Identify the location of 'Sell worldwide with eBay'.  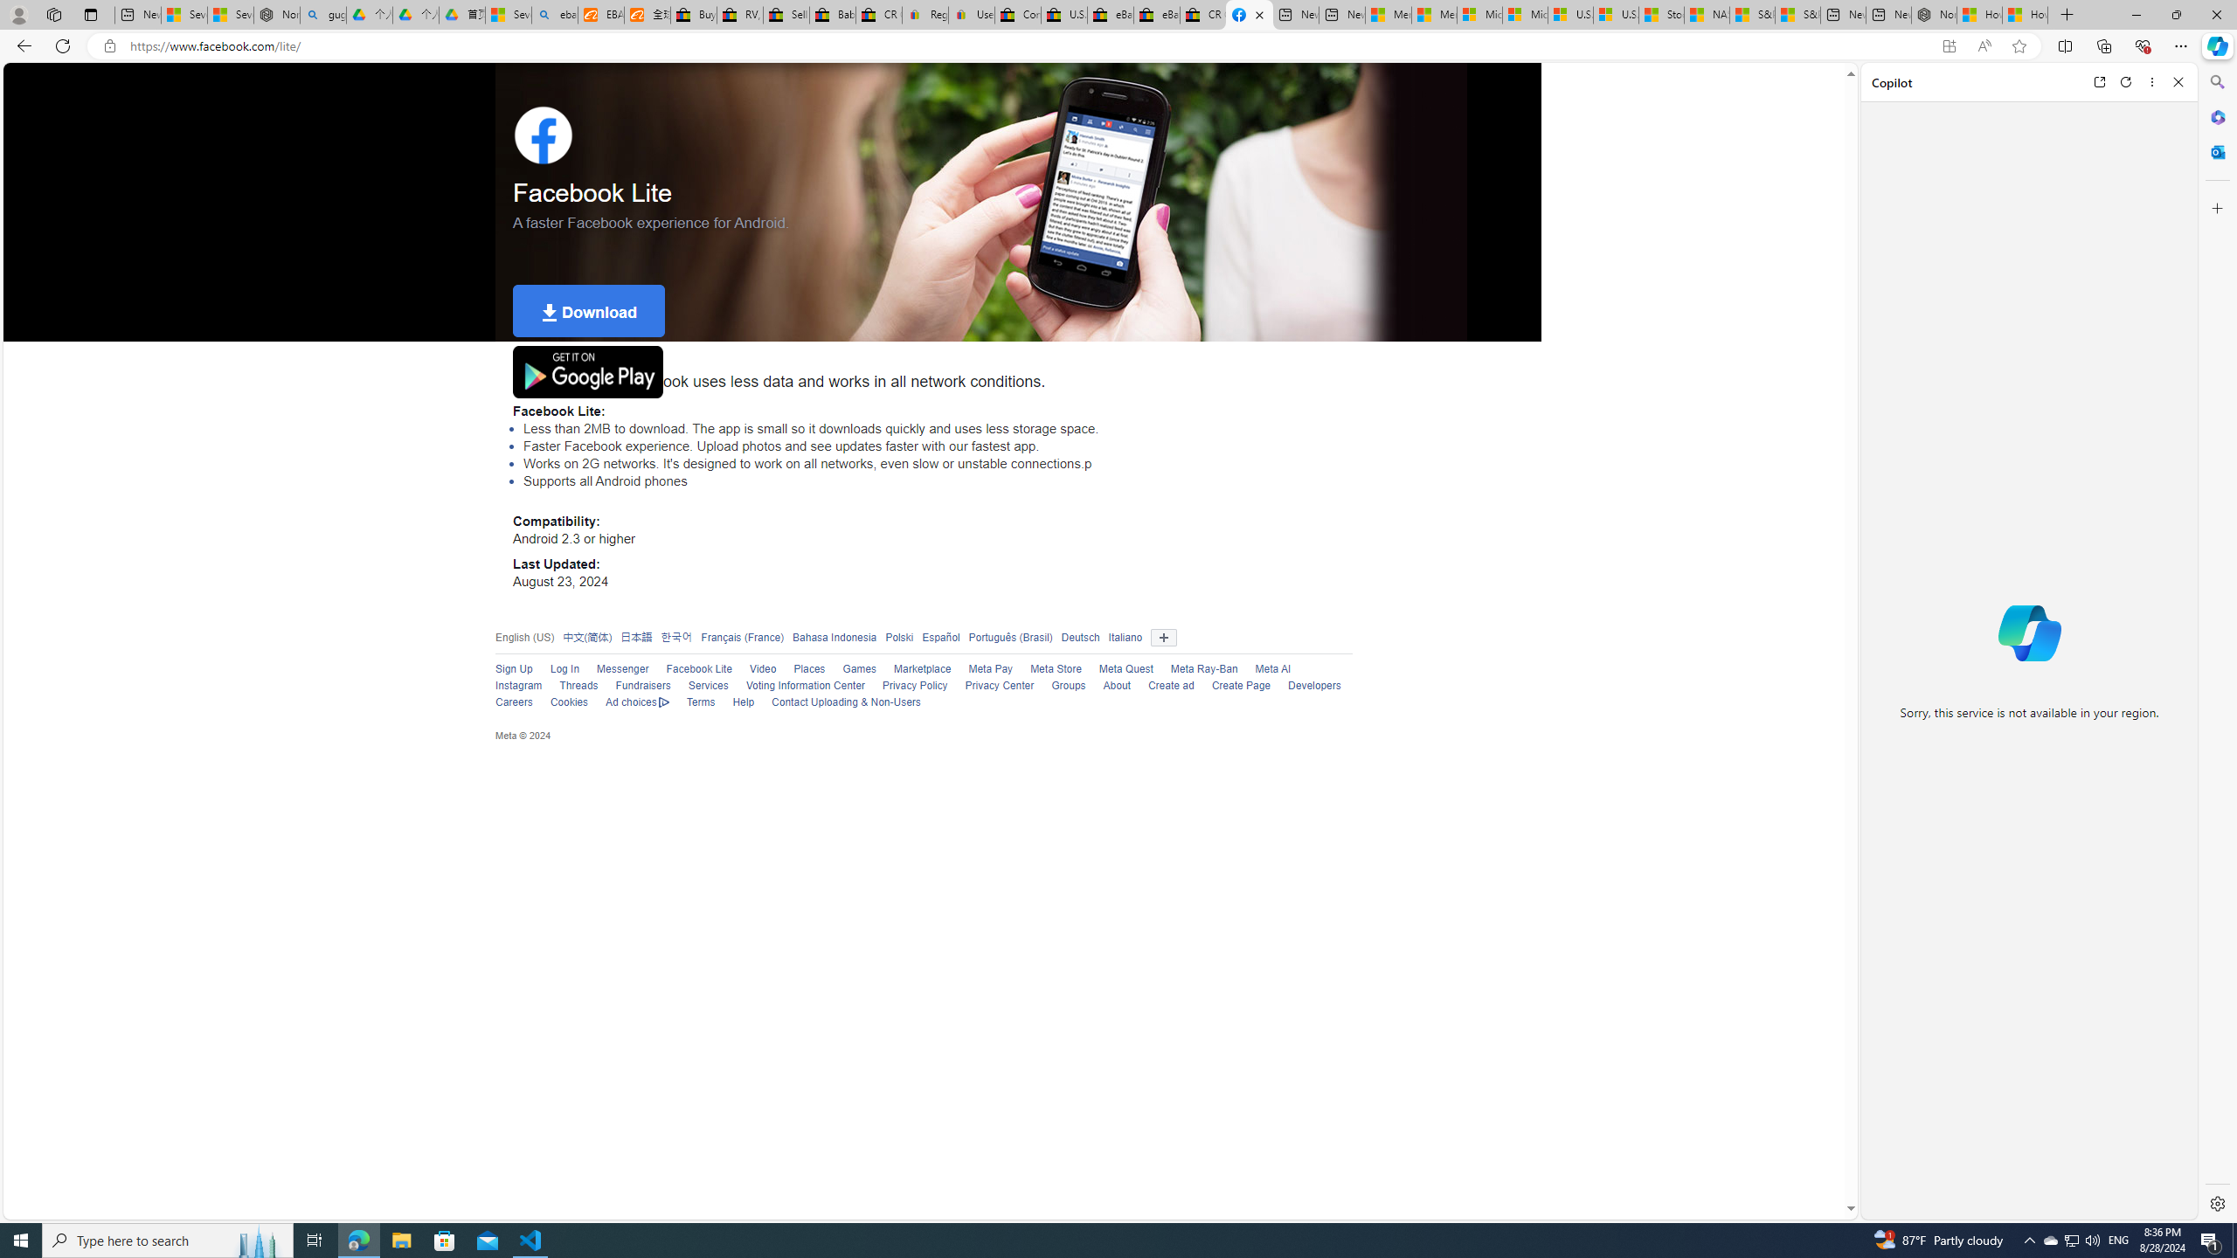
(785, 14).